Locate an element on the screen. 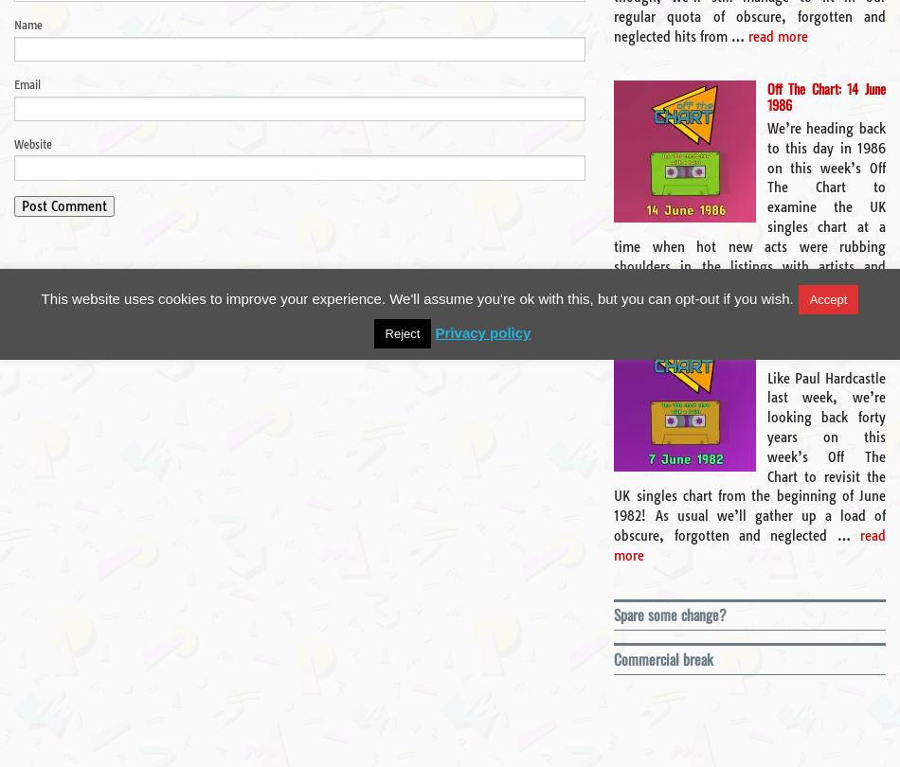  'Like Paul Hardcastle last week, we’re looking back forty years on this week’s Off The Chart to revisit the UK singles chart from the beginning of June 1982! As usual we’ll gather up a load of obscure, forgotten and neglected …' is located at coordinates (747, 456).